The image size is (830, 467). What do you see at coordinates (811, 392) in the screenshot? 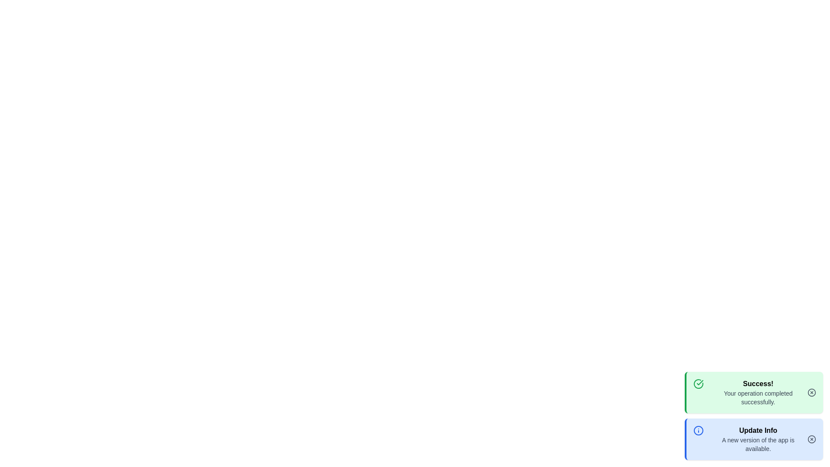
I see `the Close button, which is a small circular icon with an 'X' mark inside, located in the top-right corner of the green 'Success!' notification card` at bounding box center [811, 392].